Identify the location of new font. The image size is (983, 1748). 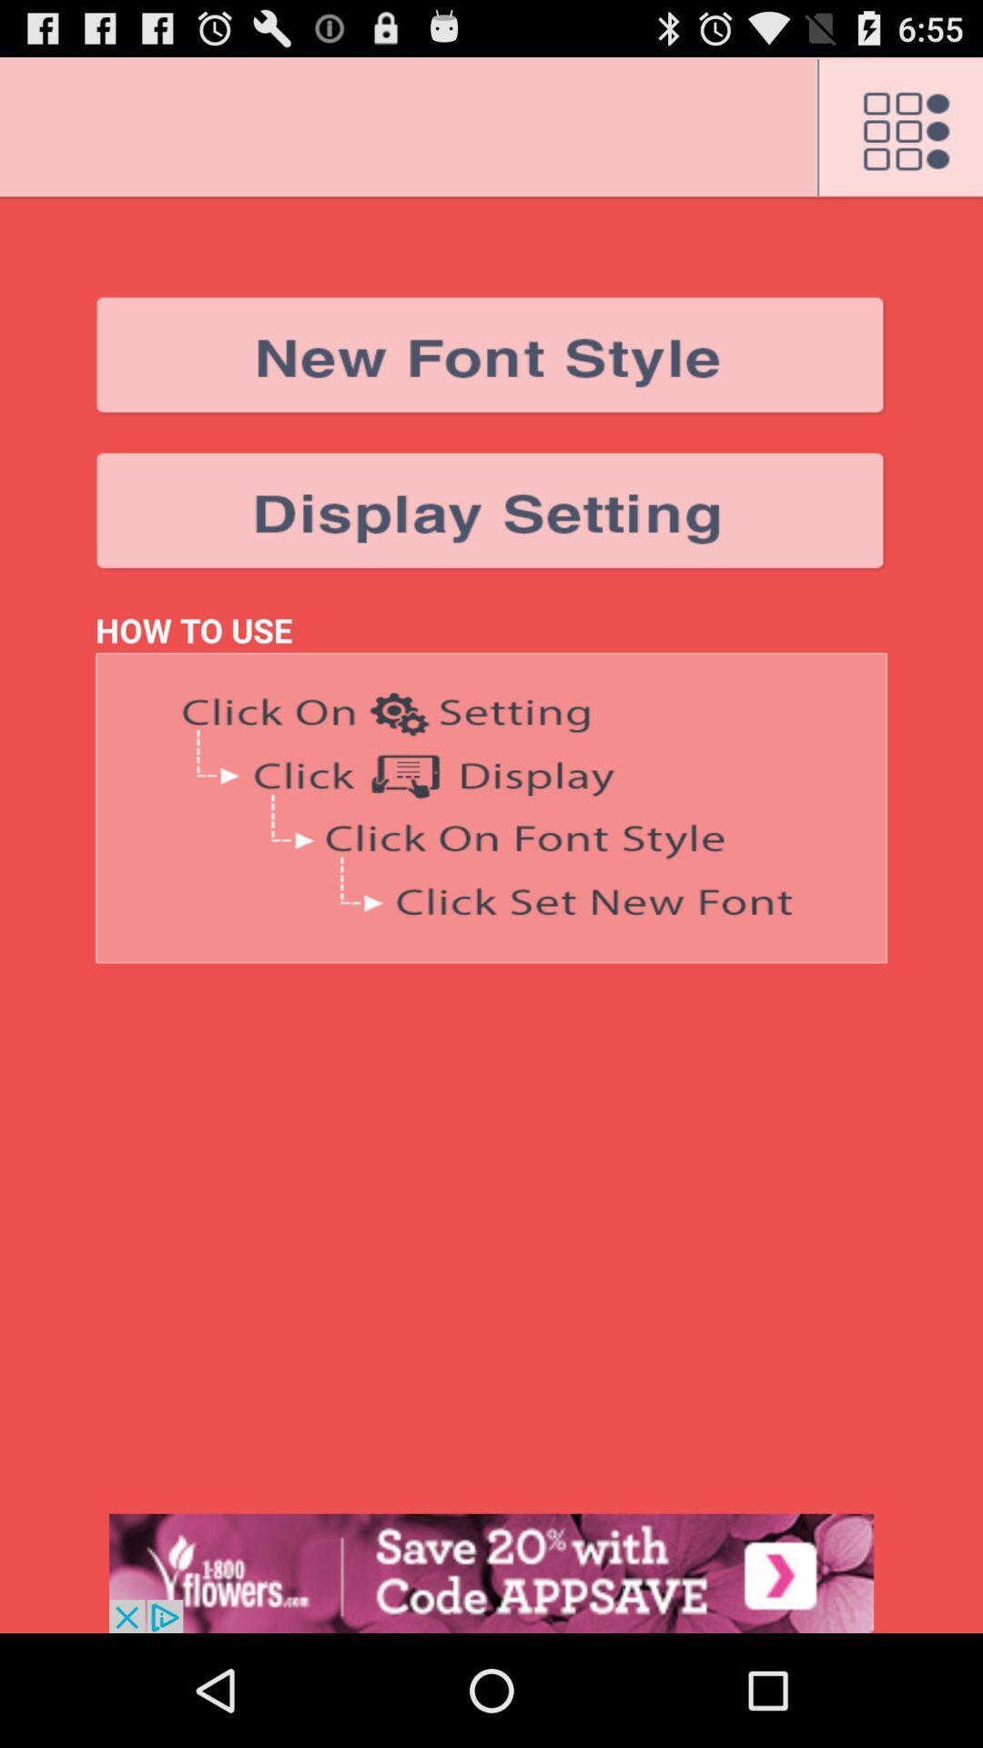
(491, 356).